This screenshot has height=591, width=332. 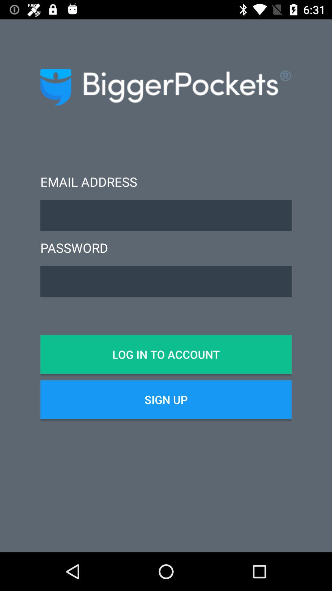 What do you see at coordinates (166, 354) in the screenshot?
I see `item above sign up item` at bounding box center [166, 354].